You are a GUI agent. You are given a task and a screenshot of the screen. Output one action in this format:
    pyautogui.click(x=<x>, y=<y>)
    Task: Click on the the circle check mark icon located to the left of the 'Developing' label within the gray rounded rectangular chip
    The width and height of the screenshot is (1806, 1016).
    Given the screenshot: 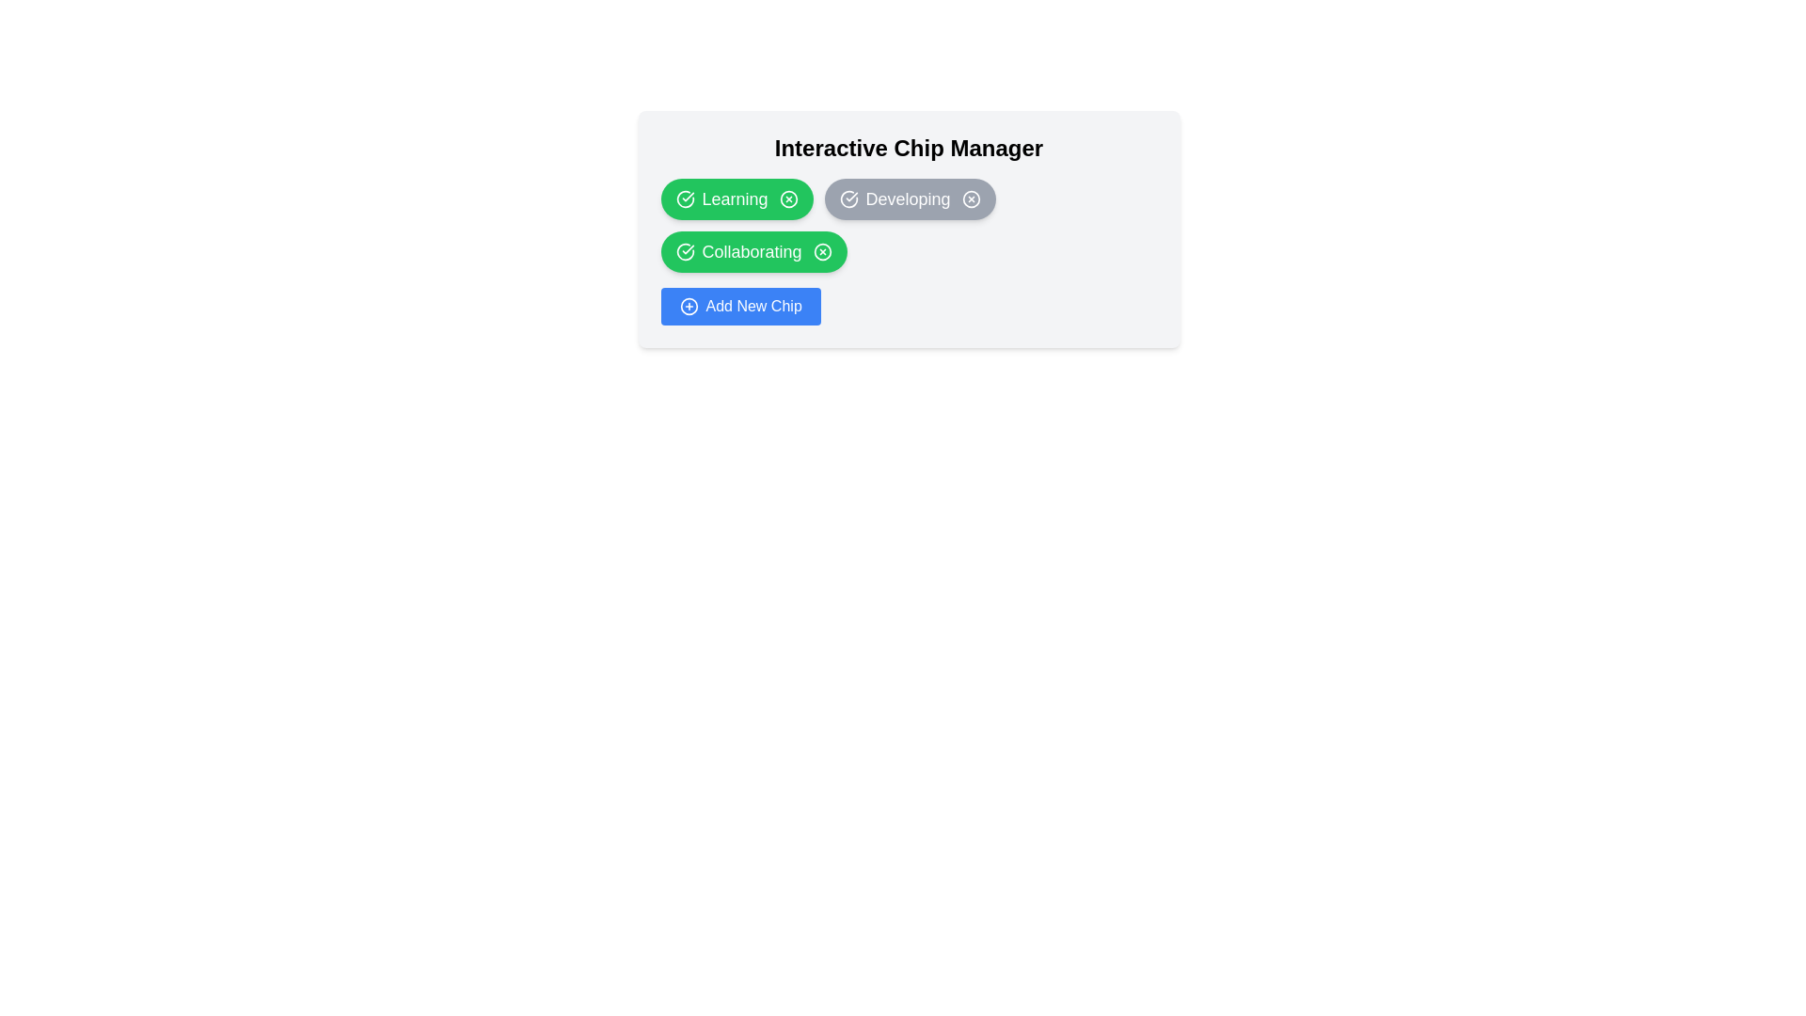 What is the action you would take?
    pyautogui.click(x=848, y=199)
    